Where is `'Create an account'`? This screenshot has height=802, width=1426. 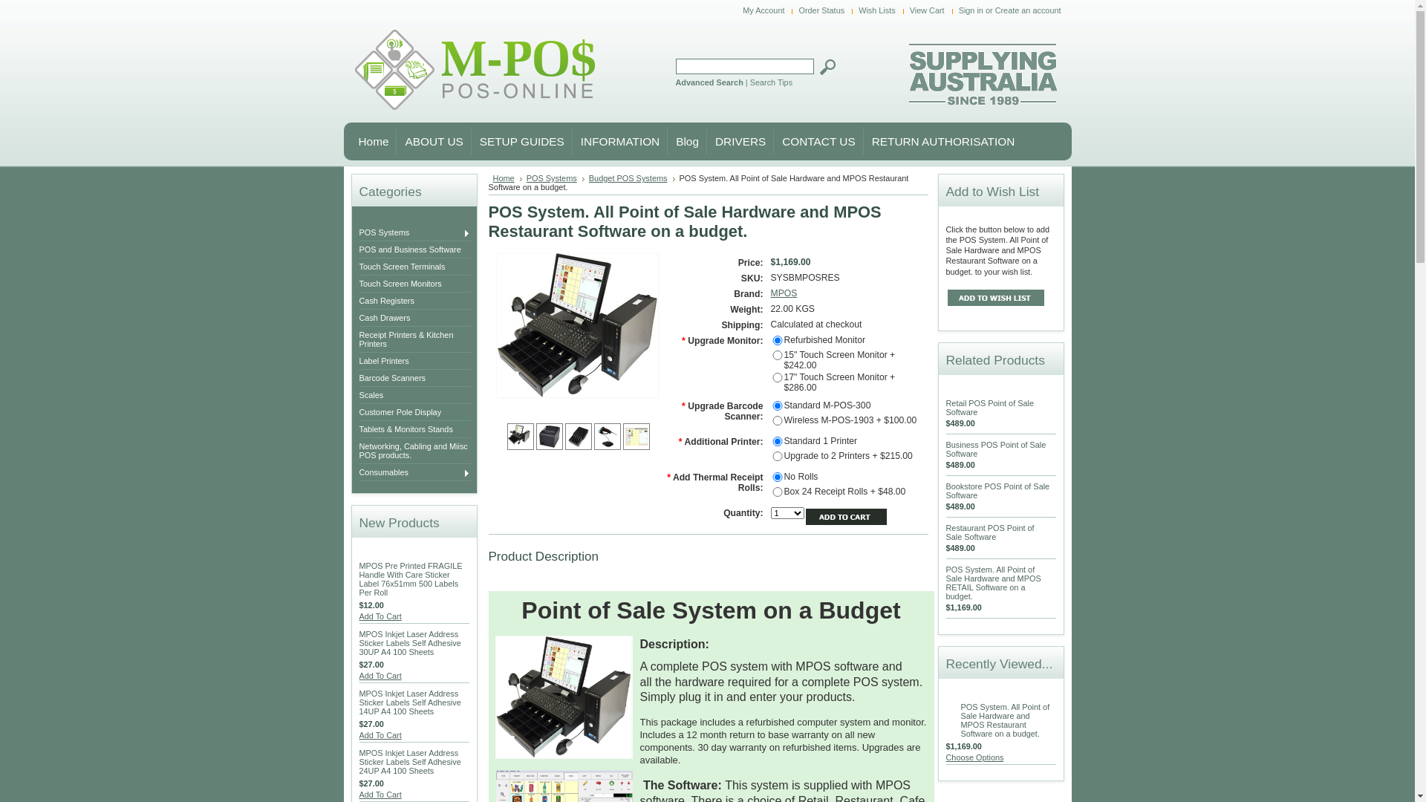
'Create an account' is located at coordinates (1027, 10).